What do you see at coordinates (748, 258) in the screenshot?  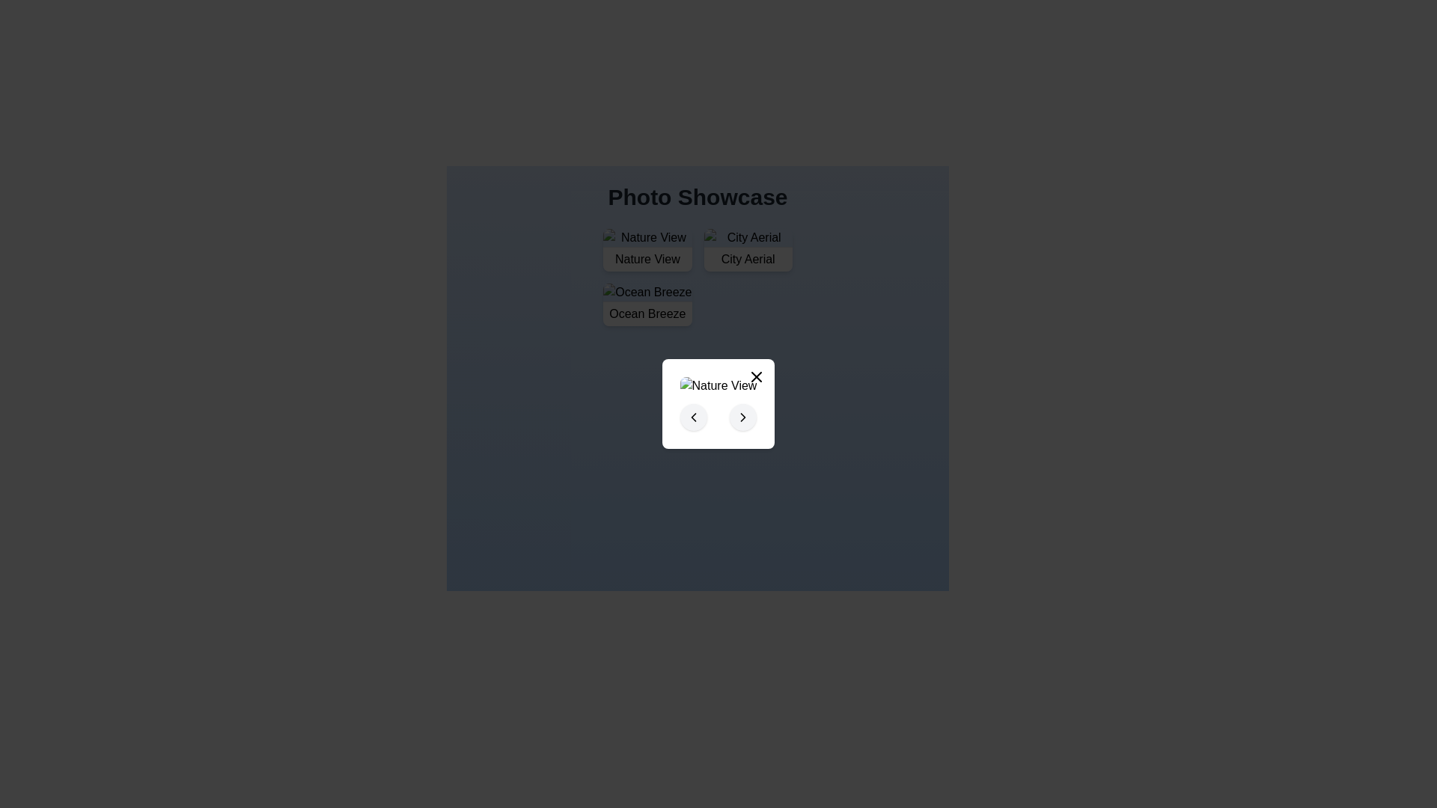 I see `the descriptive text label for the image 'City Aerial' located in the second column of the grid in the 'Photo Showcase' section` at bounding box center [748, 258].